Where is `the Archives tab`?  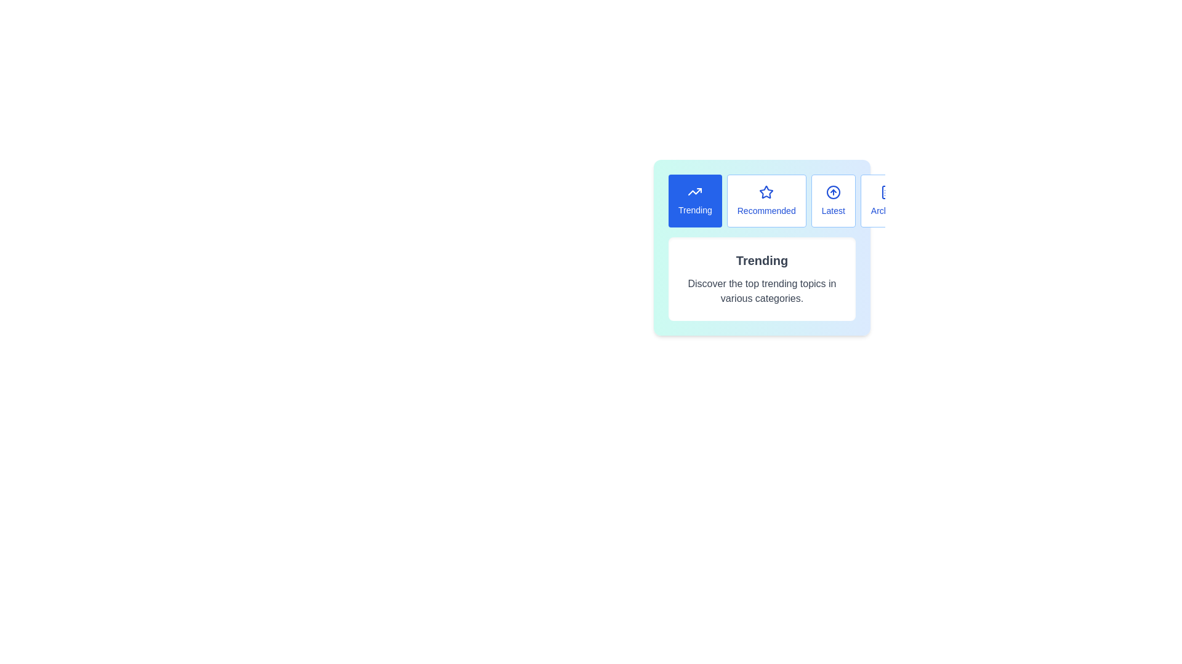 the Archives tab is located at coordinates (887, 200).